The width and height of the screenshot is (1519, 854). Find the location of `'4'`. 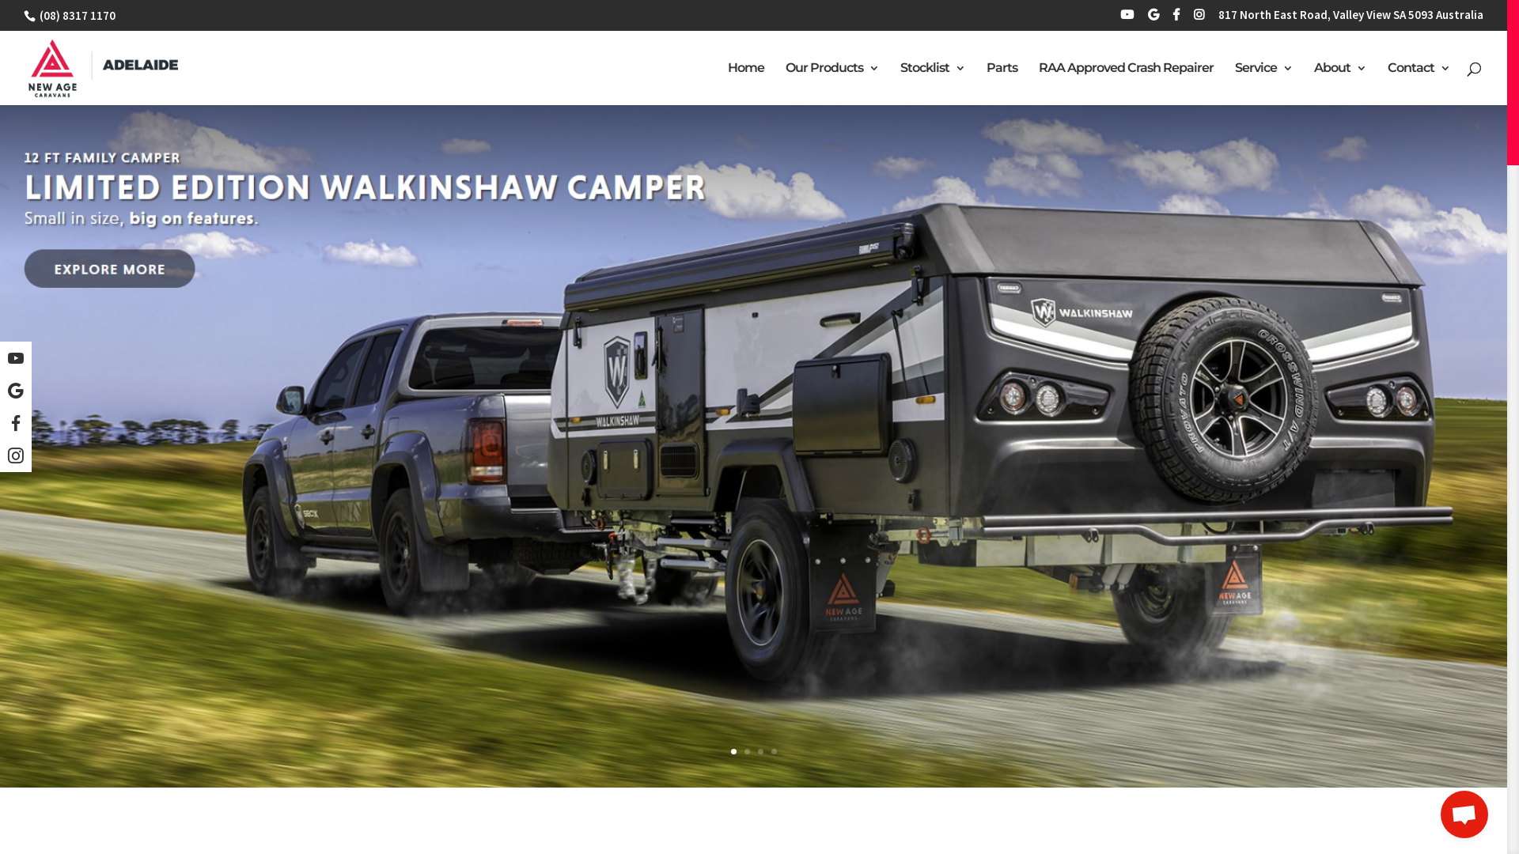

'4' is located at coordinates (771, 750).